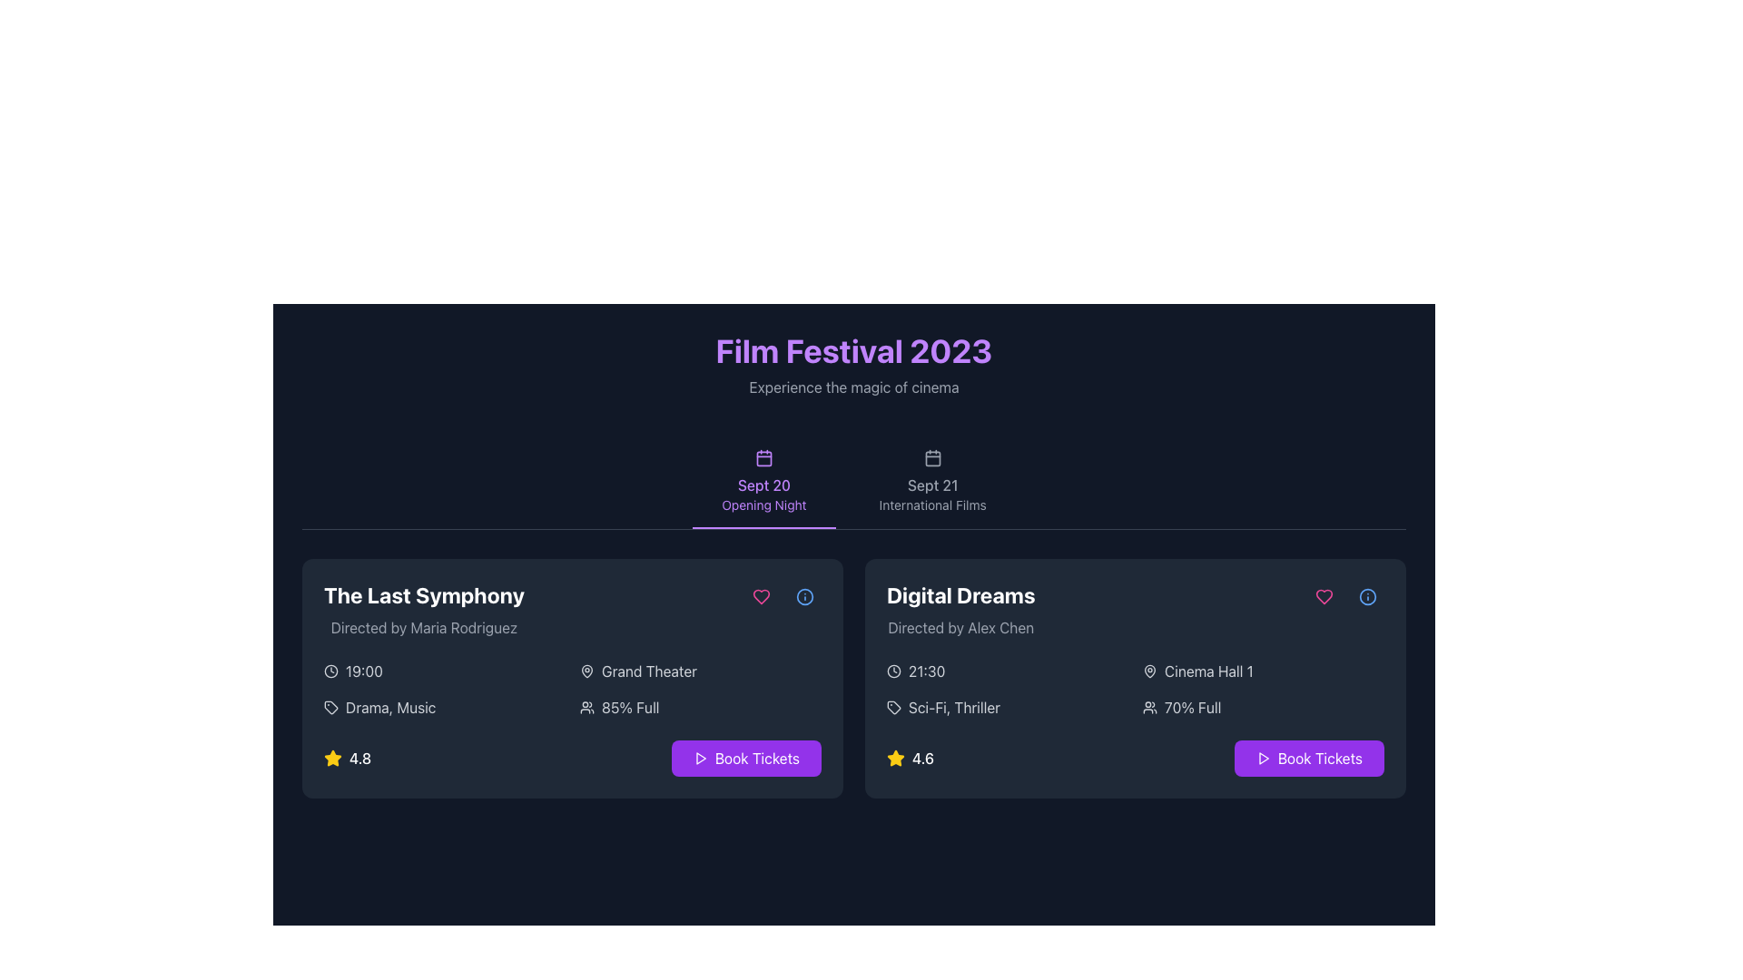 This screenshot has width=1743, height=980. Describe the element at coordinates (763, 481) in the screenshot. I see `the 'Opening Night' interactive button, which is the first item in a horizontal list of date-related options under the heading 'Film Festival 2023'` at that location.